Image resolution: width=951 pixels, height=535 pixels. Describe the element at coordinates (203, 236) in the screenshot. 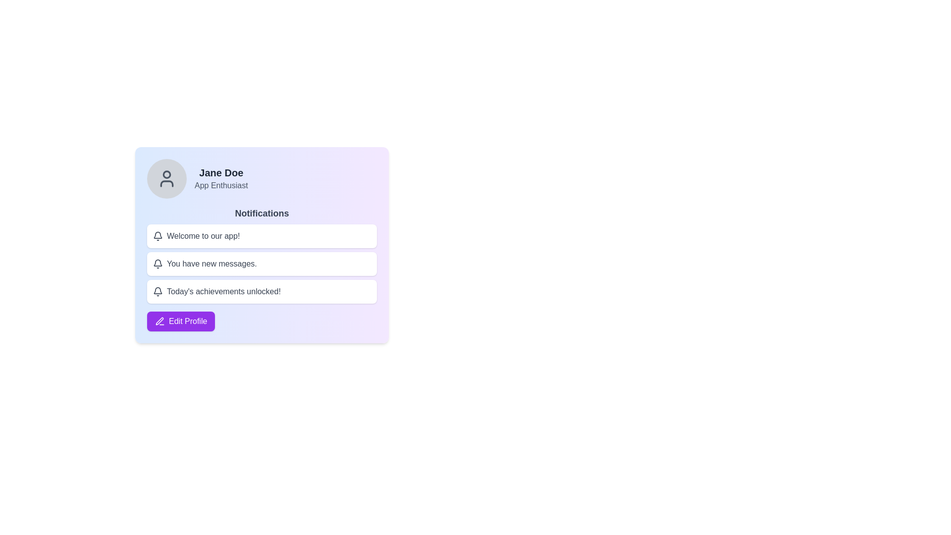

I see `the static text label that reads 'Welcome to our app!', which is the first notification box under the 'Notifications' header` at that location.